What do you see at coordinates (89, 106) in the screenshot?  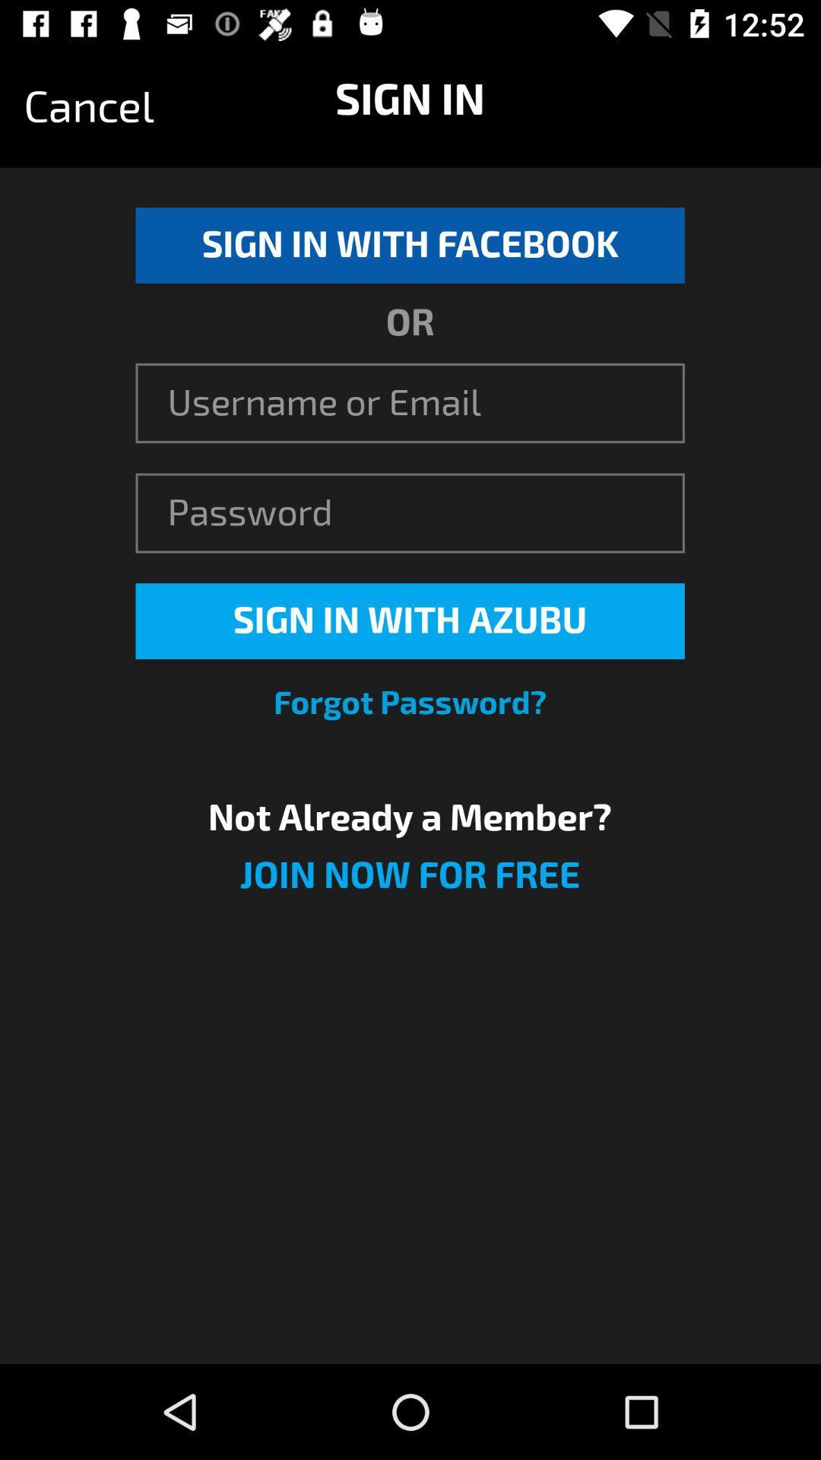 I see `the cancel` at bounding box center [89, 106].